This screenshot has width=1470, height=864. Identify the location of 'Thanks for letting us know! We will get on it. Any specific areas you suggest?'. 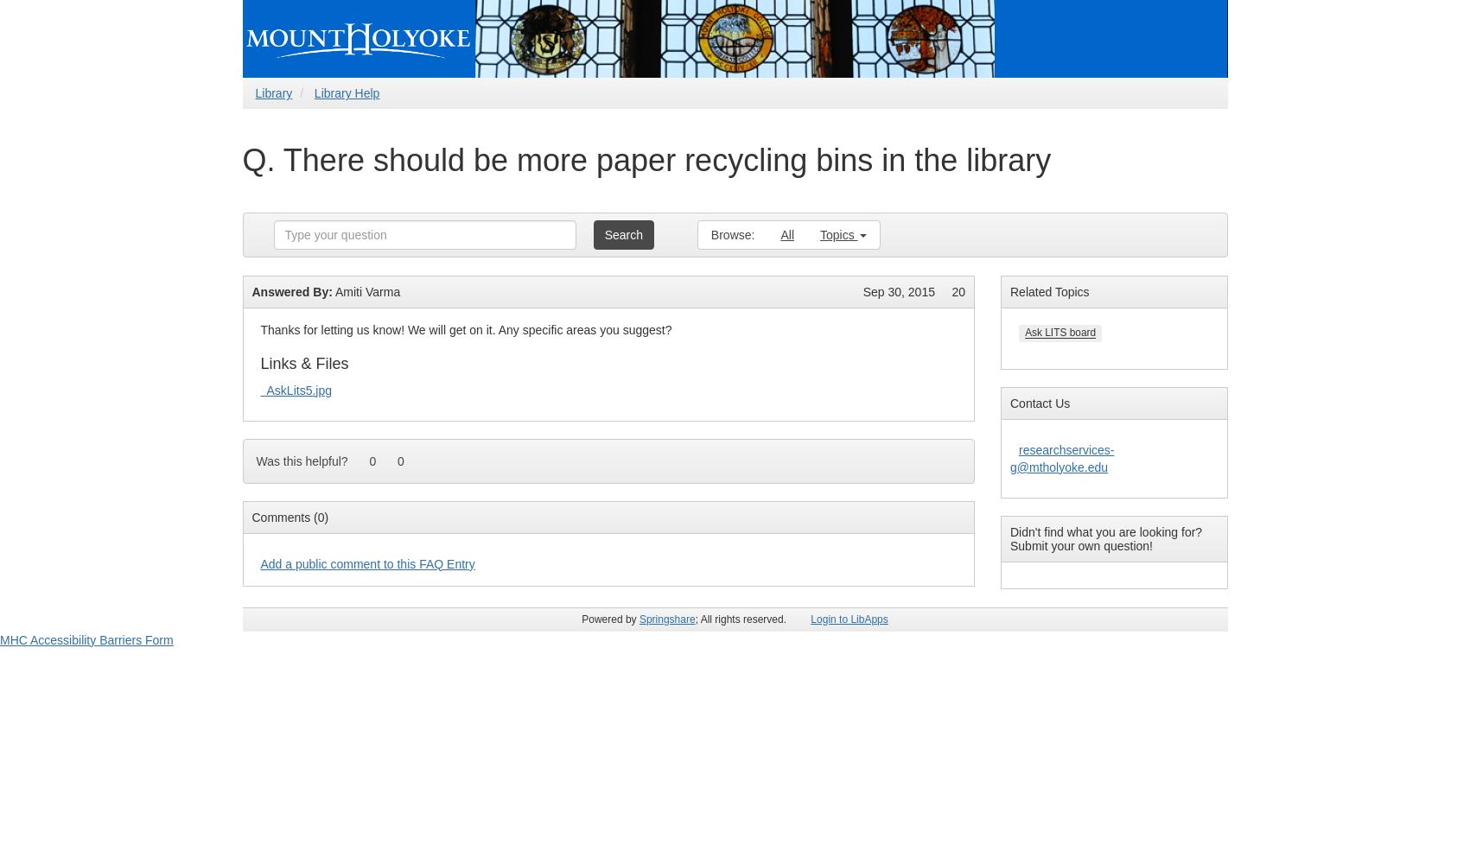
(466, 329).